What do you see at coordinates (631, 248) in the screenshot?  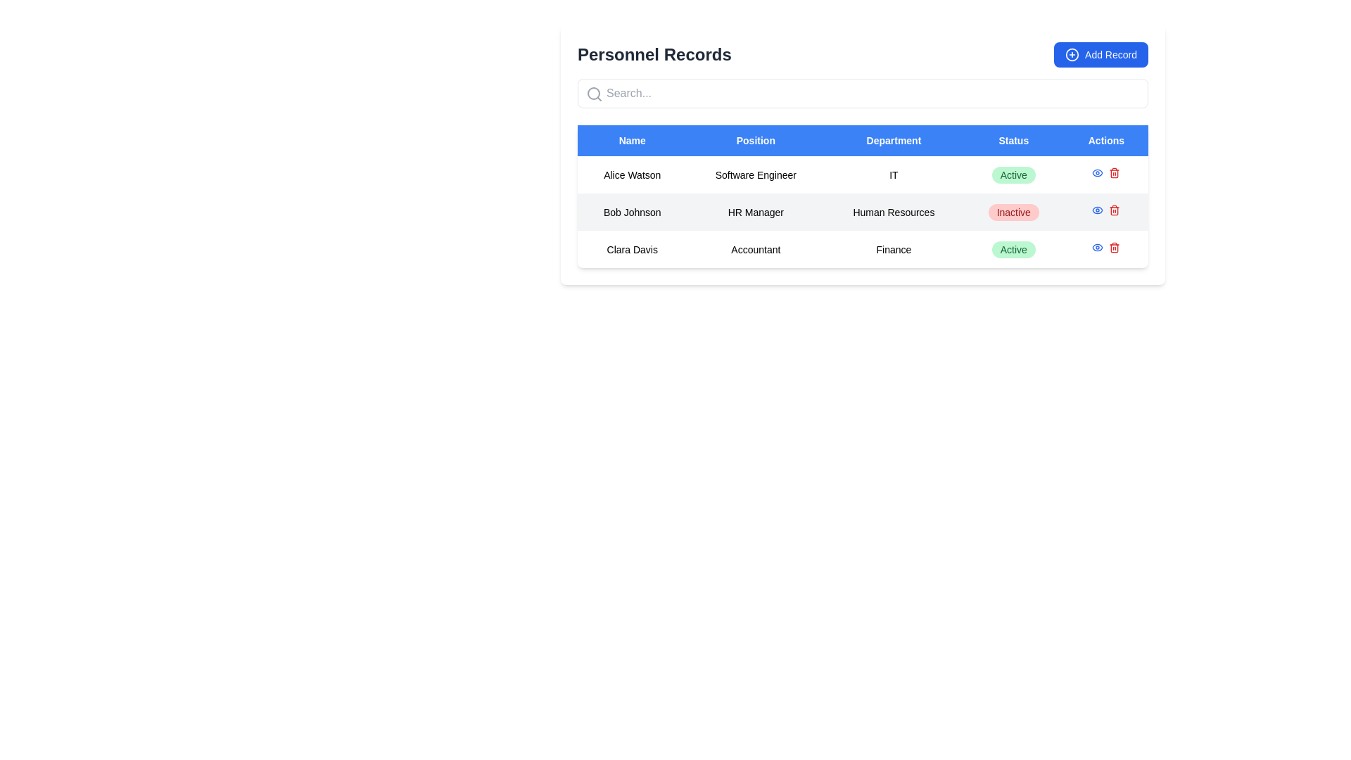 I see `the text label displaying 'Clara Davis', which is located in the first cell of the third row of the table` at bounding box center [631, 248].